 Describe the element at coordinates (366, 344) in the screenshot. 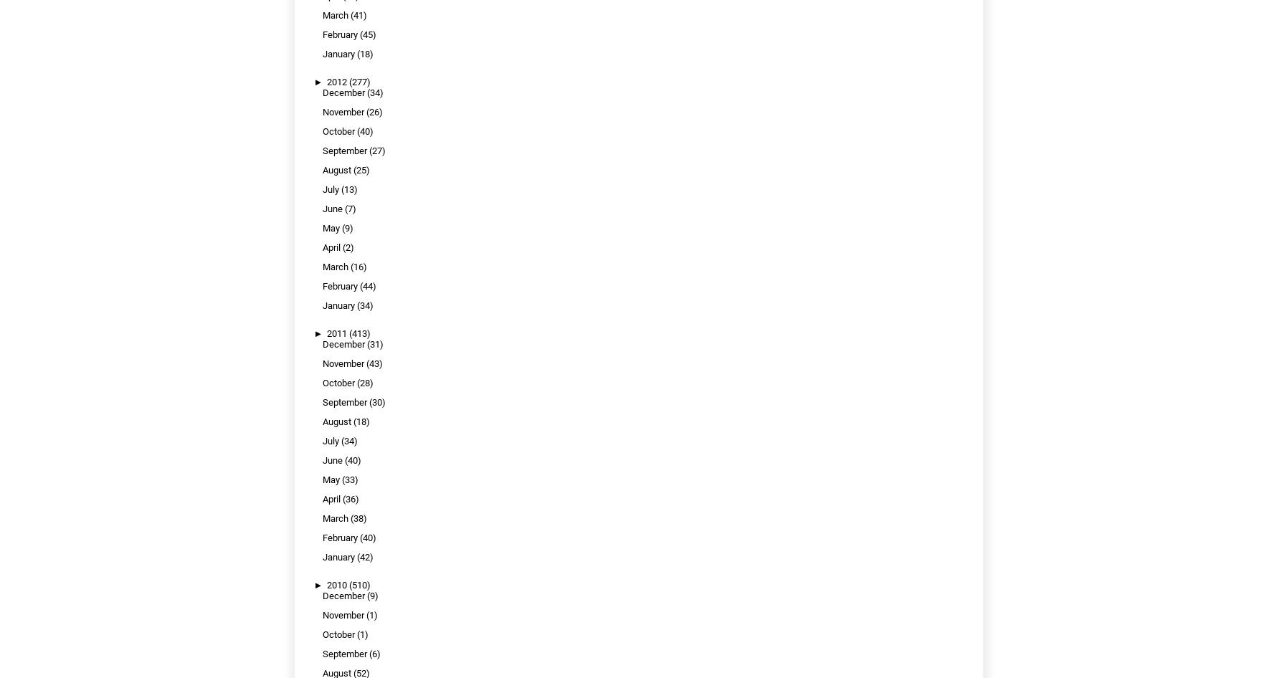

I see `'(31)'` at that location.